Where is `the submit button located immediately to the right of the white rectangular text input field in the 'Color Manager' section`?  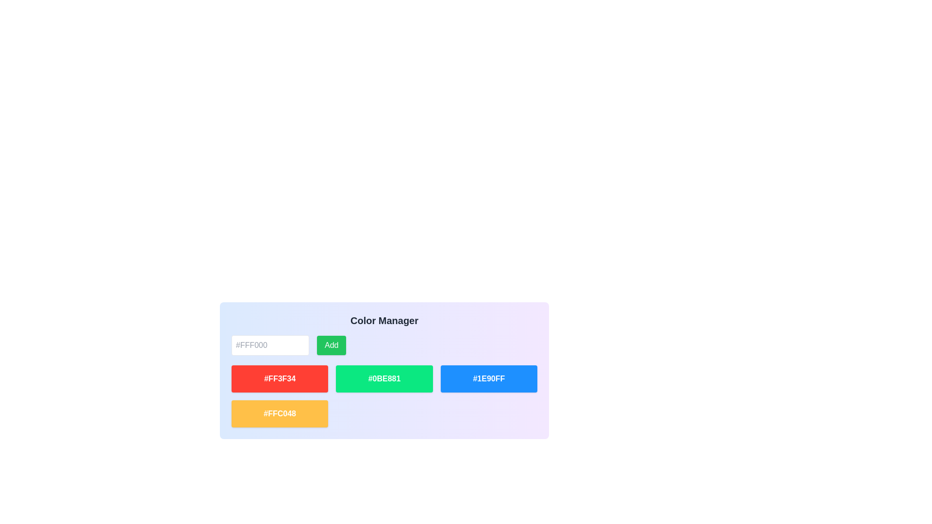
the submit button located immediately to the right of the white rectangular text input field in the 'Color Manager' section is located at coordinates (332, 345).